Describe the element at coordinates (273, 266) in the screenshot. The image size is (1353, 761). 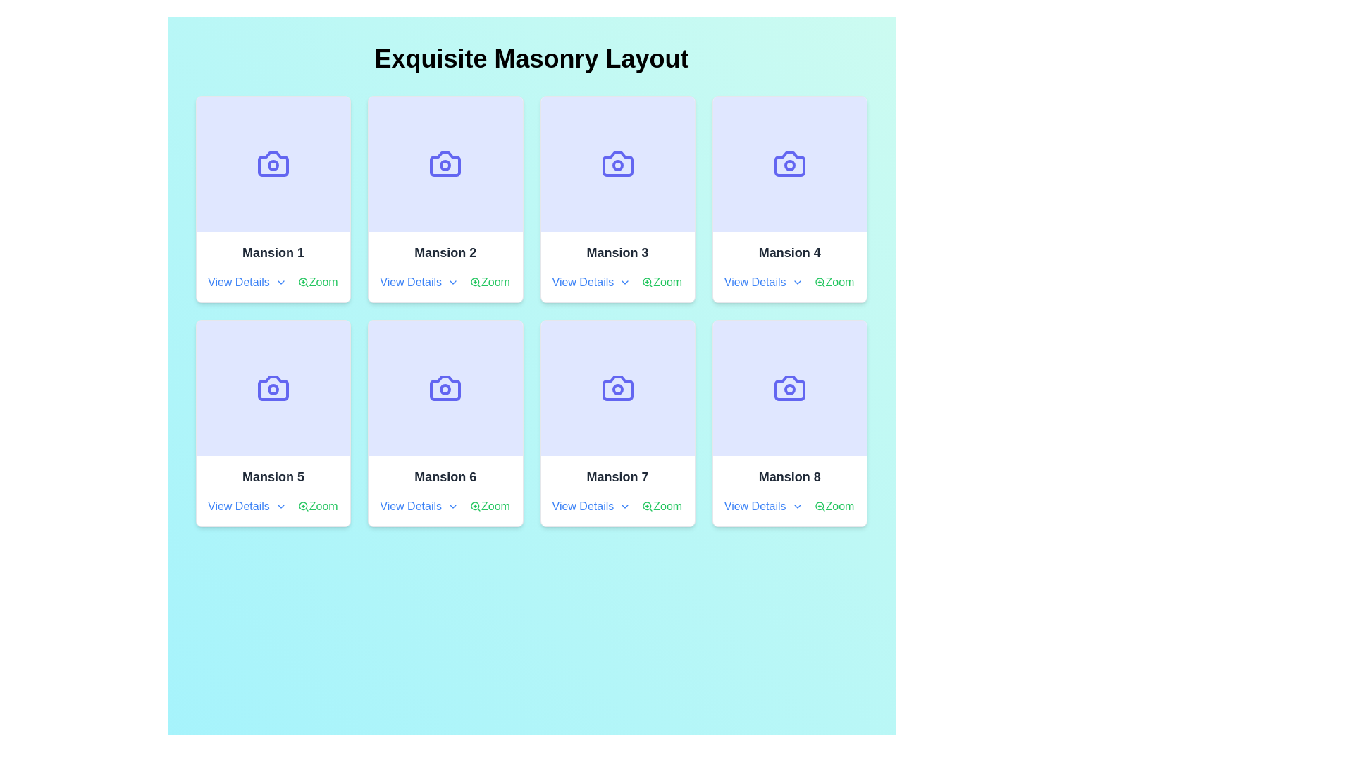
I see `the 'View Details' link located on the card for 'Mansion 1' in the first row and first column of the grid layout` at that location.